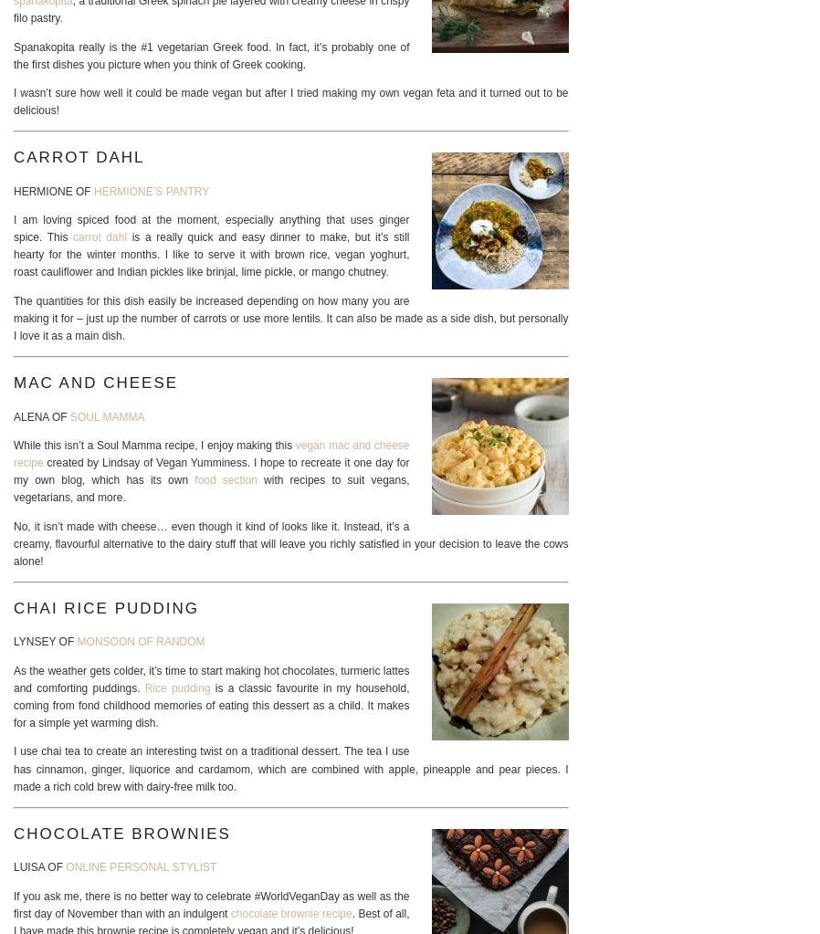  Describe the element at coordinates (153, 445) in the screenshot. I see `'While this isn’t a Soul Mamma recipe, I enjoy making this'` at that location.